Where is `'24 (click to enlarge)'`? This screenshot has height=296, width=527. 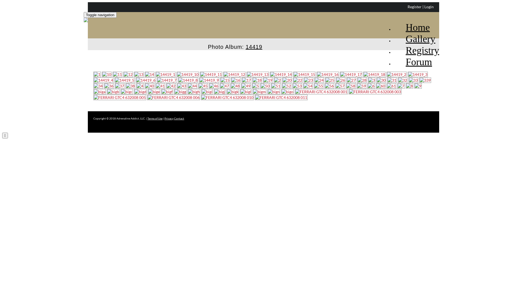
'24 (click to enlarge)' is located at coordinates (319, 80).